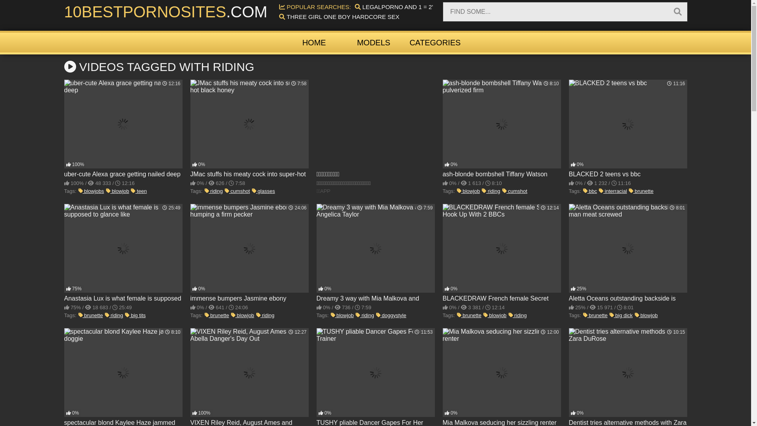  I want to click on 'BLACKEDRAW French female Secret Hook Up With 2 BBCs', so click(501, 253).